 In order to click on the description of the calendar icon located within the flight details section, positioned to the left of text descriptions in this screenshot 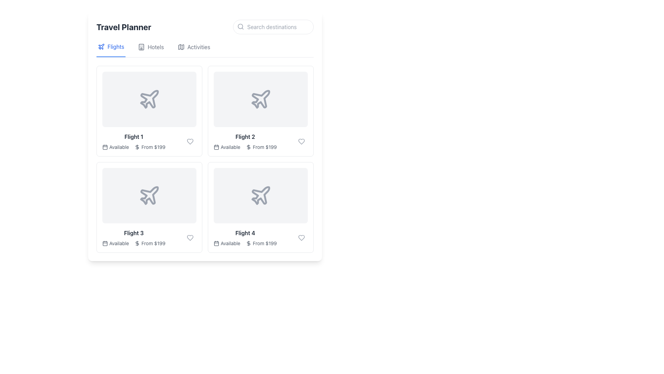, I will do `click(104, 146)`.